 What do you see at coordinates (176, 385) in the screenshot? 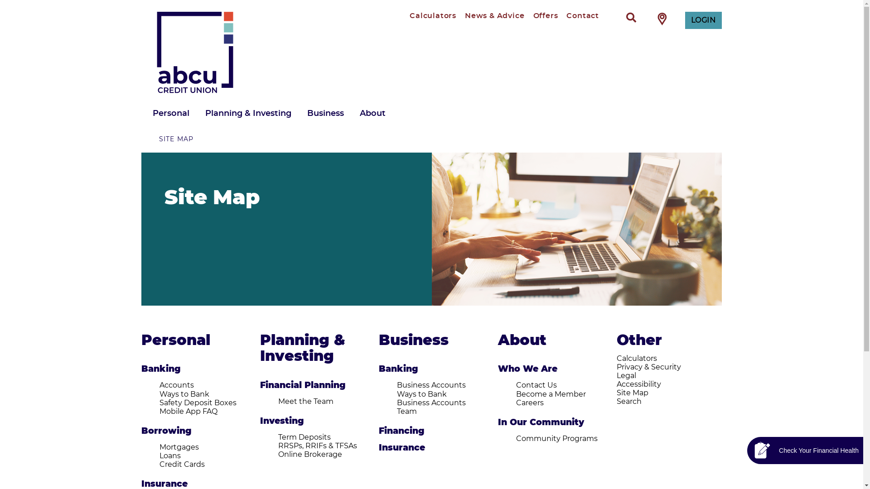
I see `'Accounts'` at bounding box center [176, 385].